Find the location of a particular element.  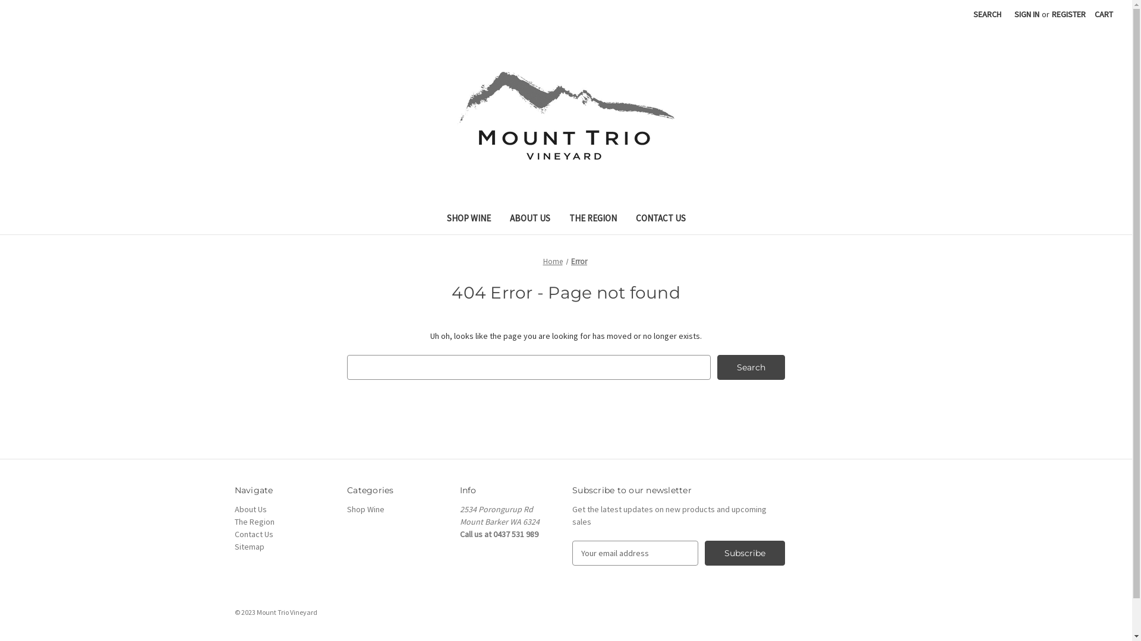

'SIGN IN' is located at coordinates (1007, 14).